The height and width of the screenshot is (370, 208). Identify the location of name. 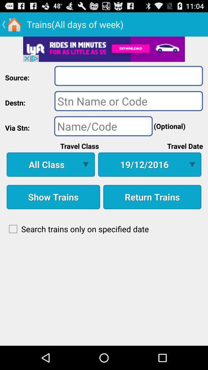
(103, 126).